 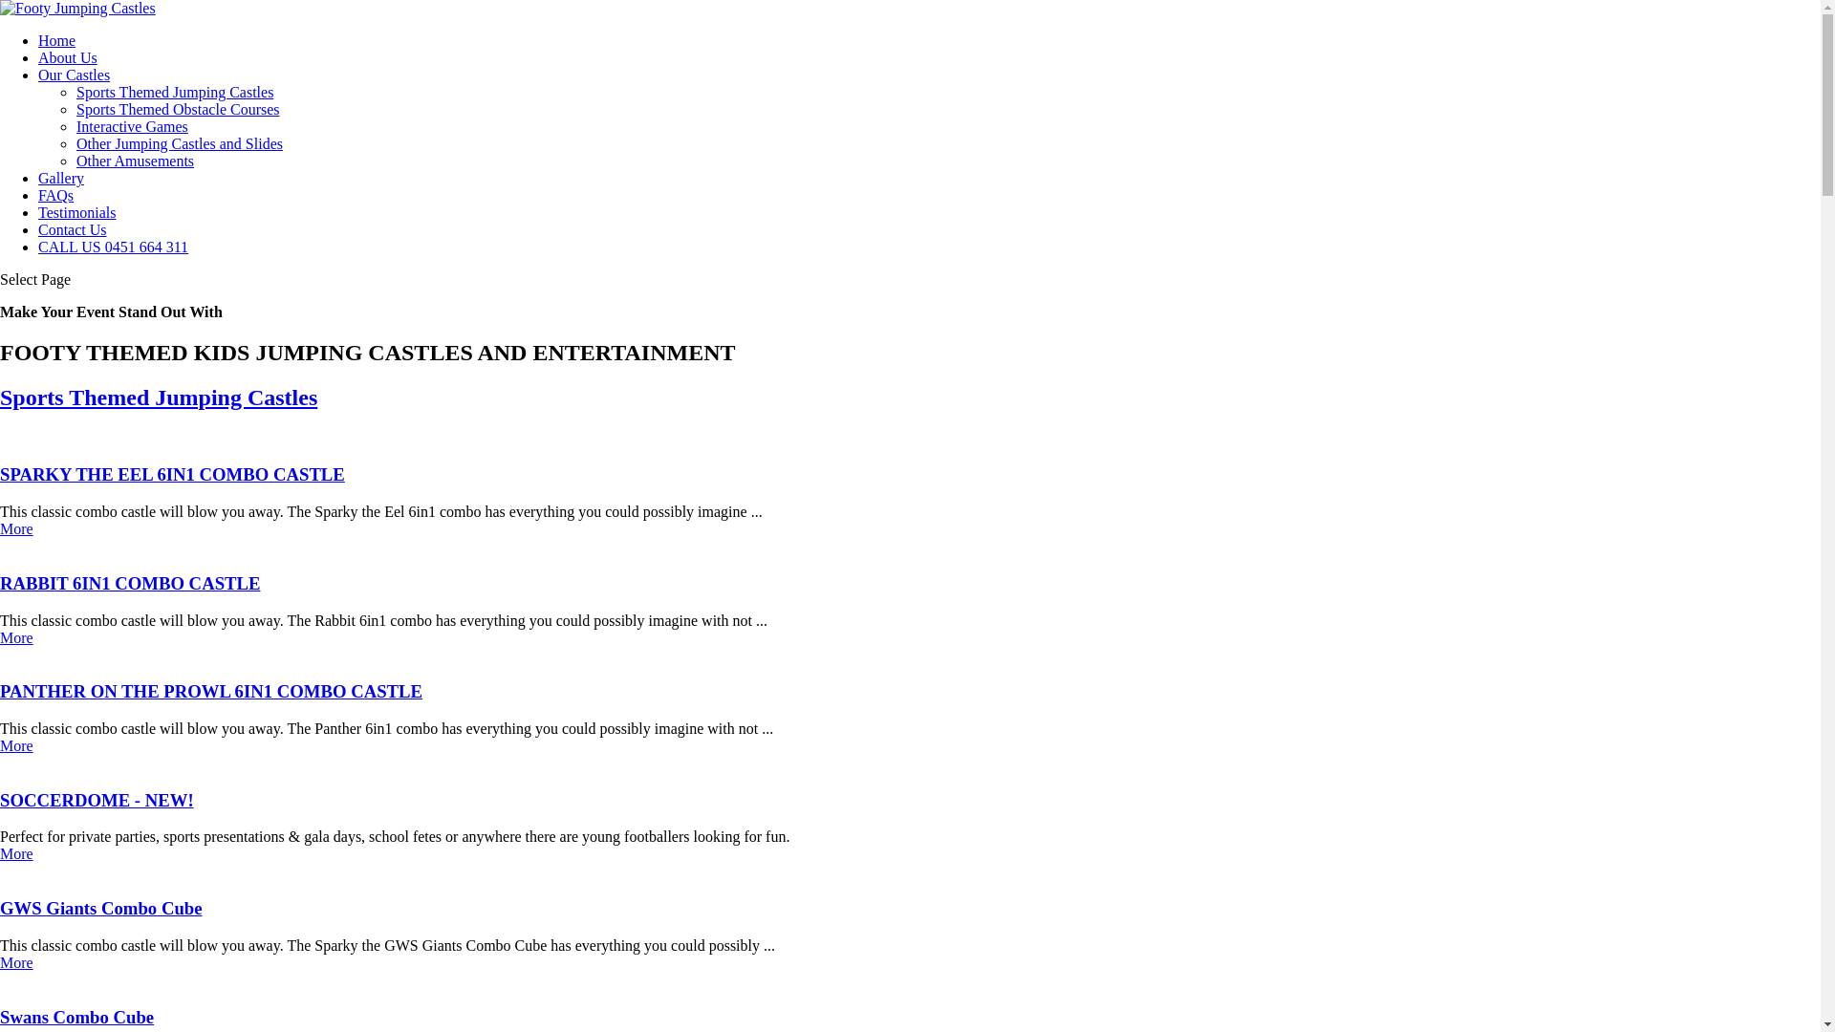 What do you see at coordinates (178, 109) in the screenshot?
I see `'Sports Themed Obstacle Courses'` at bounding box center [178, 109].